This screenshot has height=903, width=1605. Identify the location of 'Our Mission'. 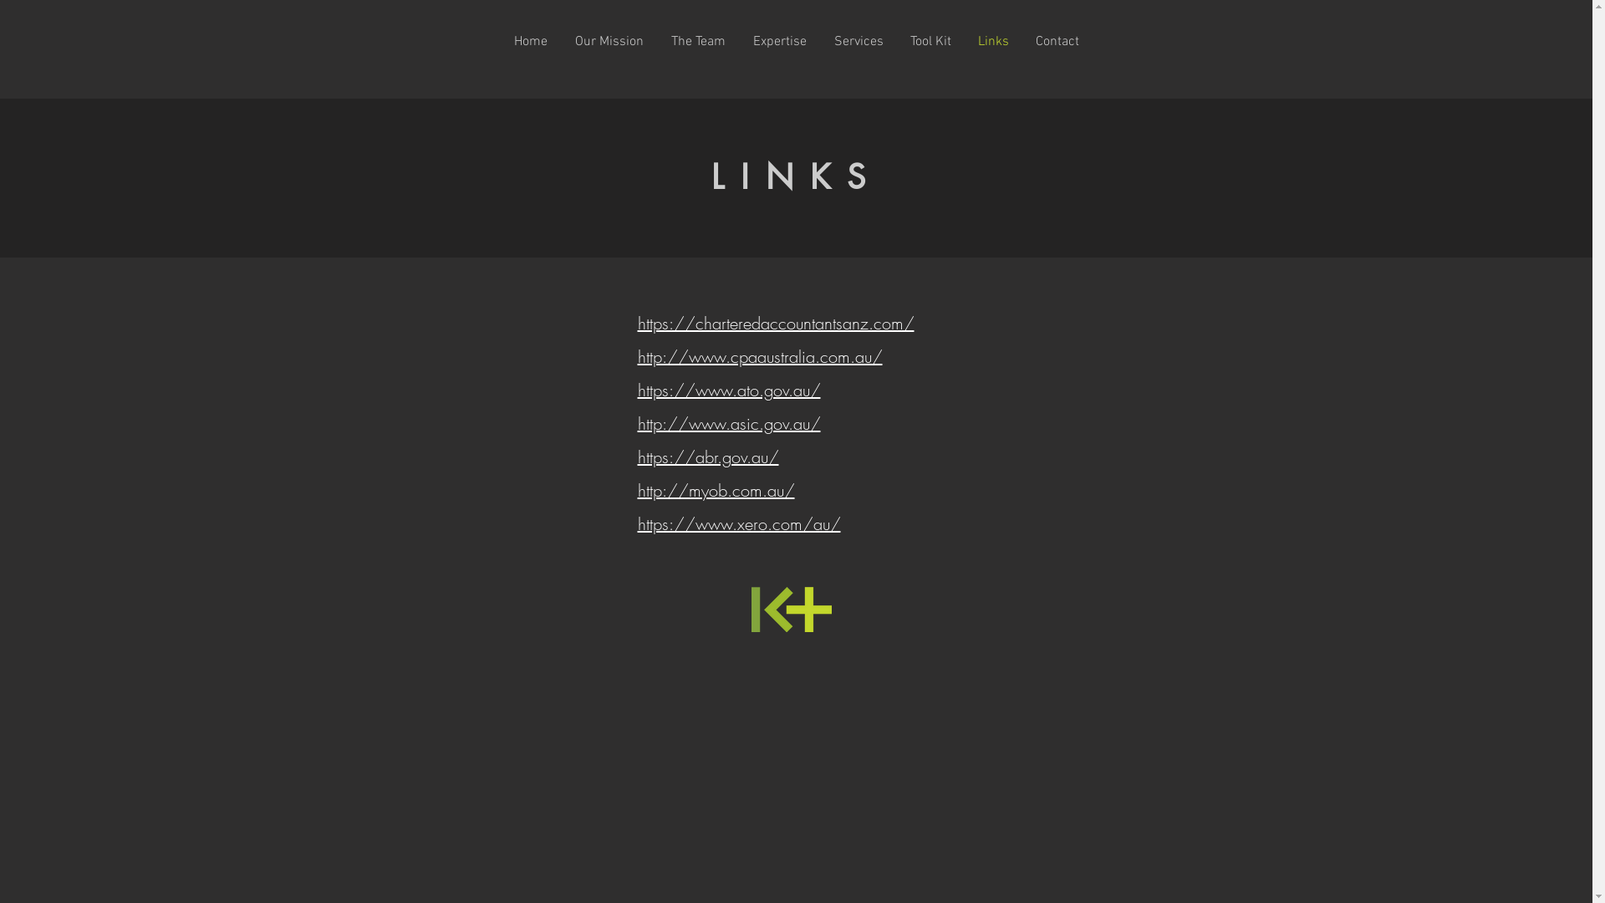
(609, 41).